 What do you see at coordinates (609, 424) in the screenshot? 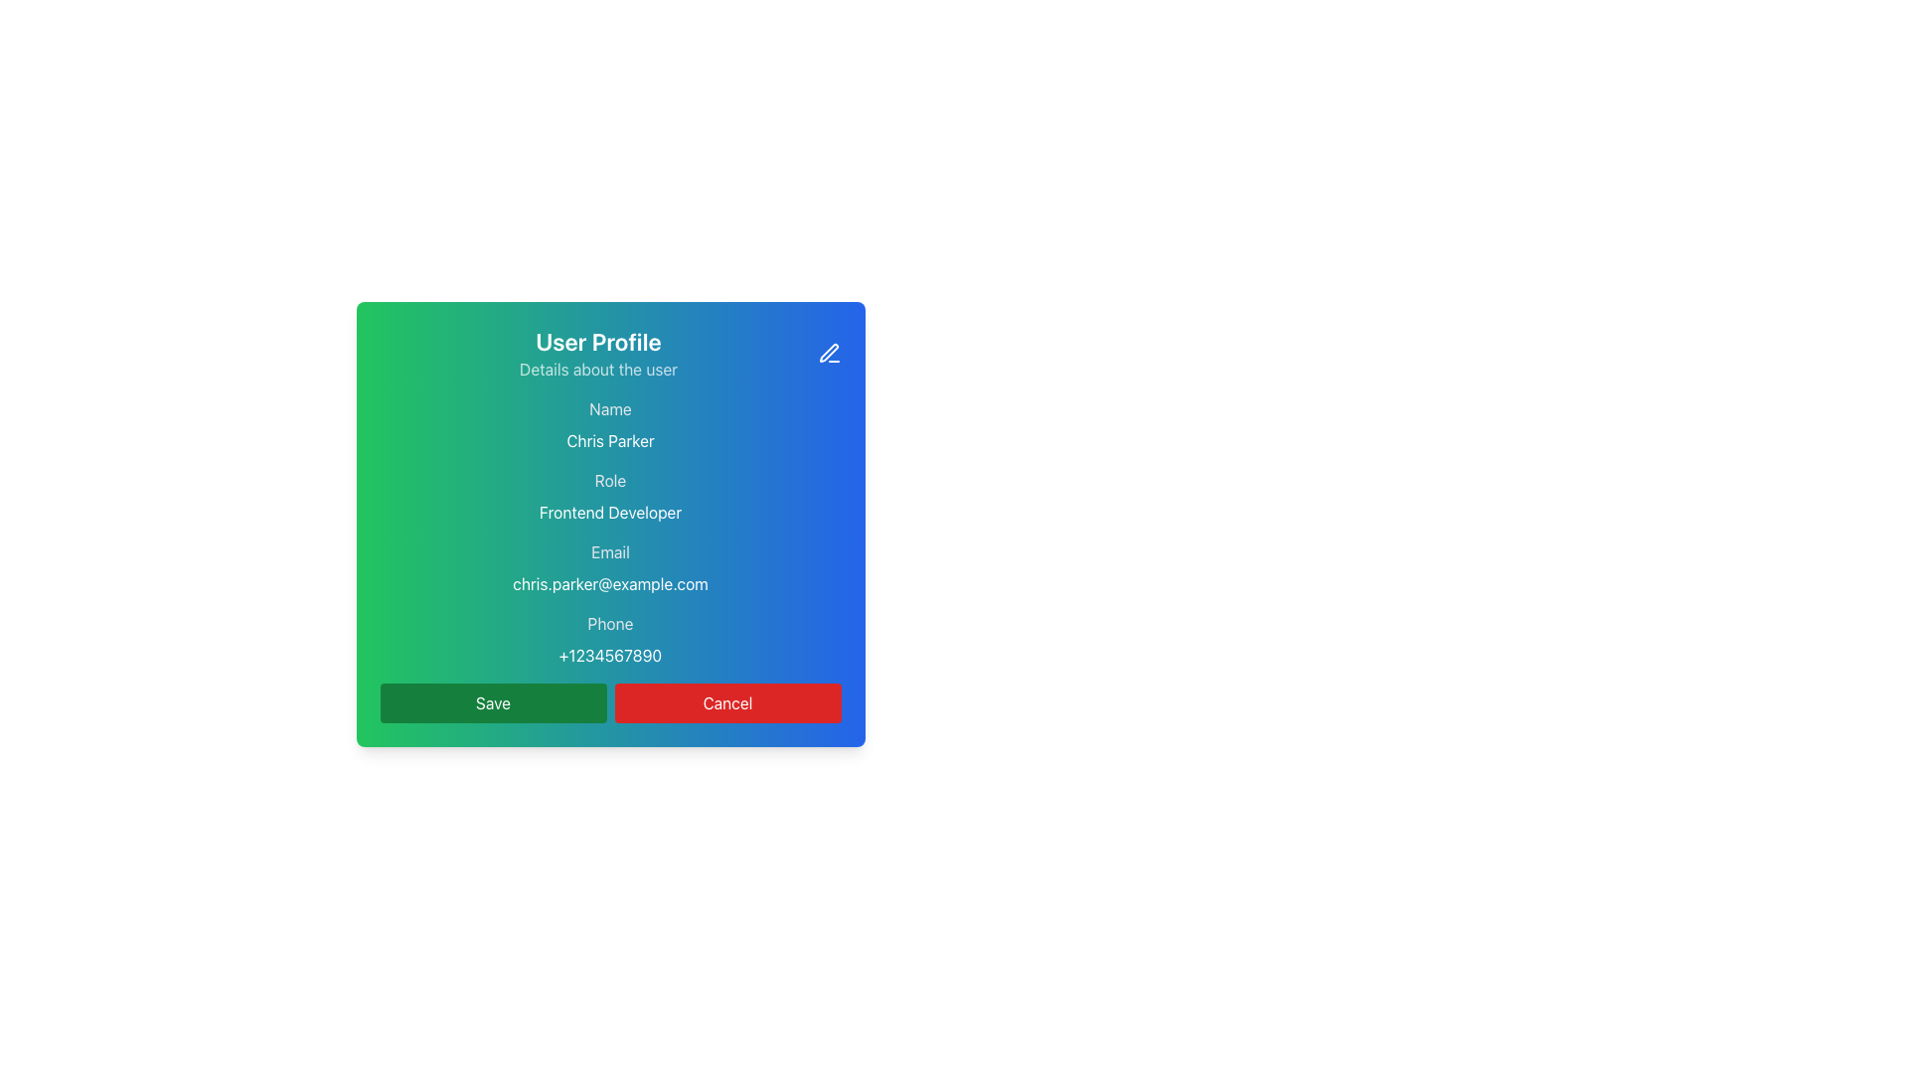
I see `the 'Name' label displaying the user's name 'Chris Parker' in the User Profile card interface, which is the first information section of the card` at bounding box center [609, 424].